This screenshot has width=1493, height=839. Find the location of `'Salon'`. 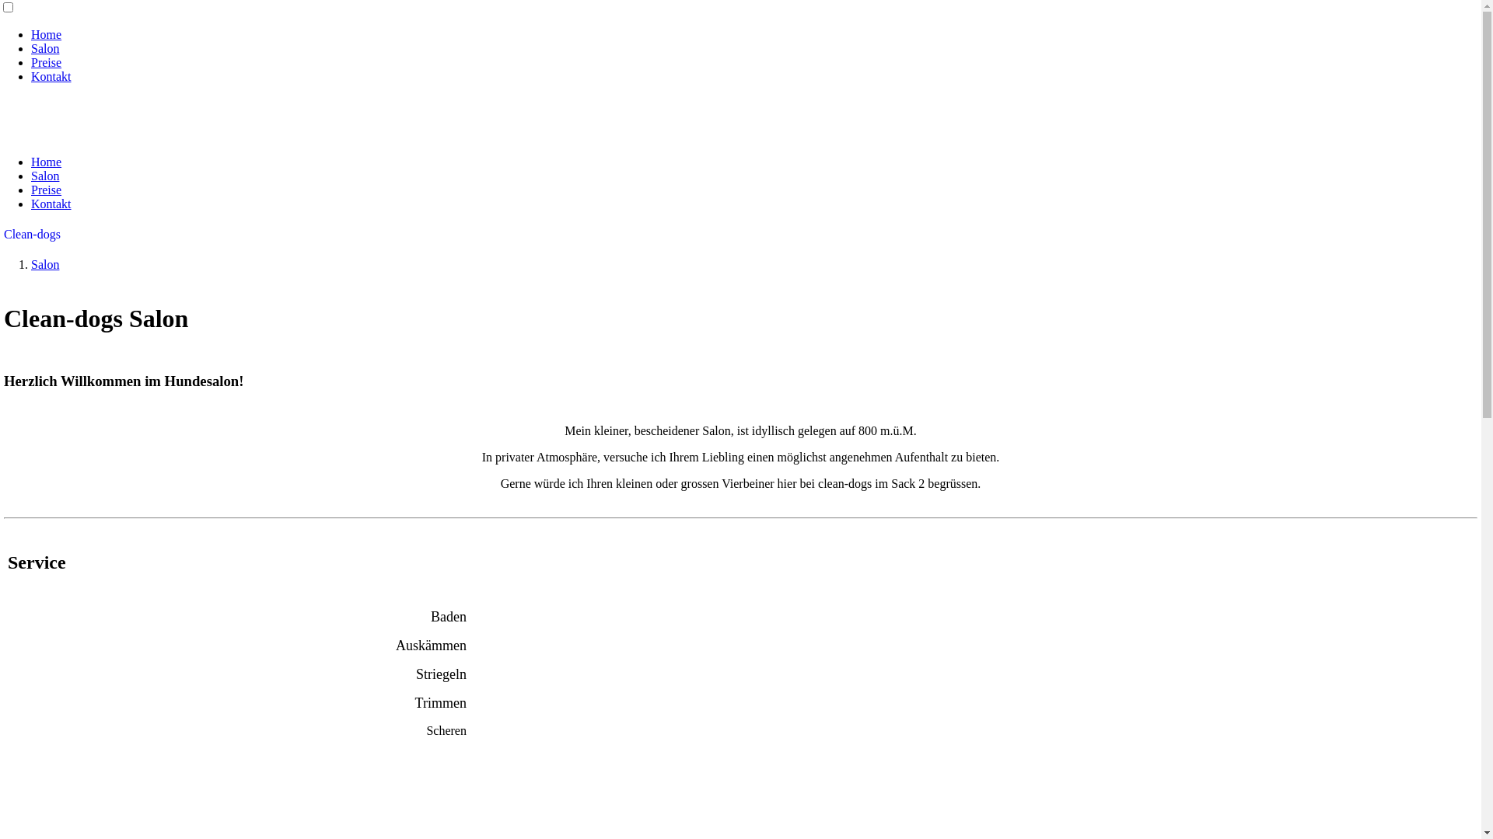

'Salon' is located at coordinates (44, 47).